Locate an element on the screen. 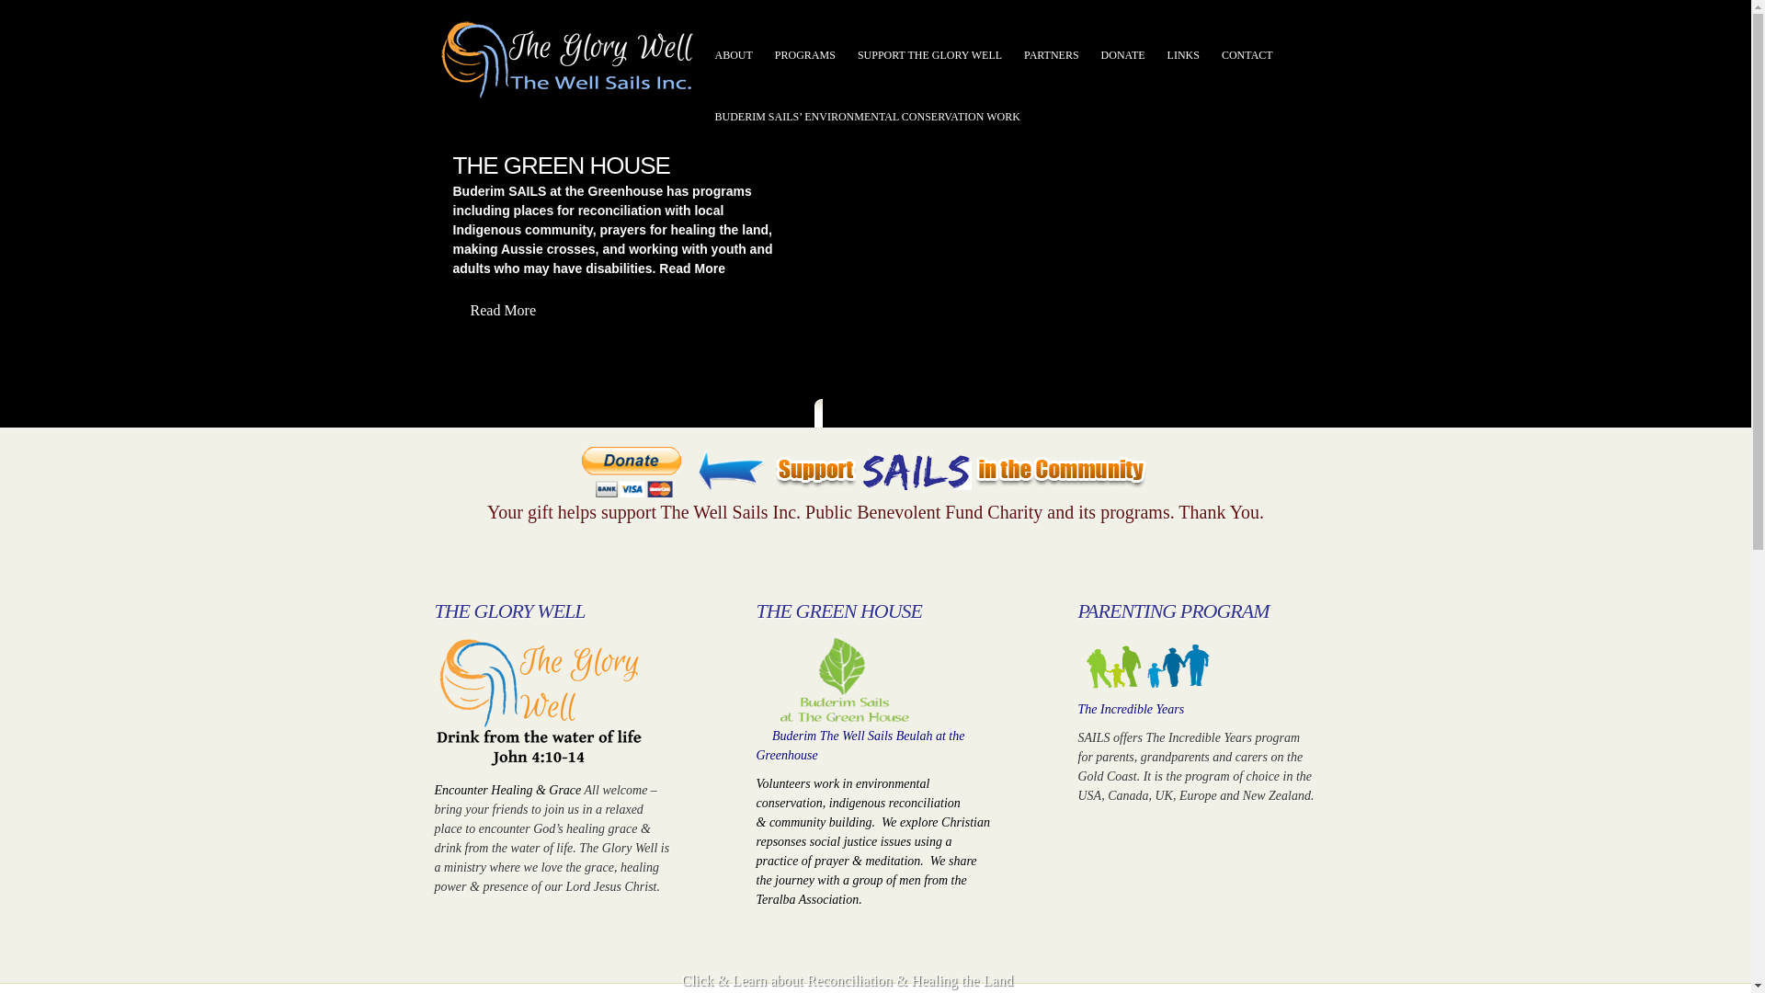 The image size is (1765, 993). 'ABOUT' is located at coordinates (733, 54).